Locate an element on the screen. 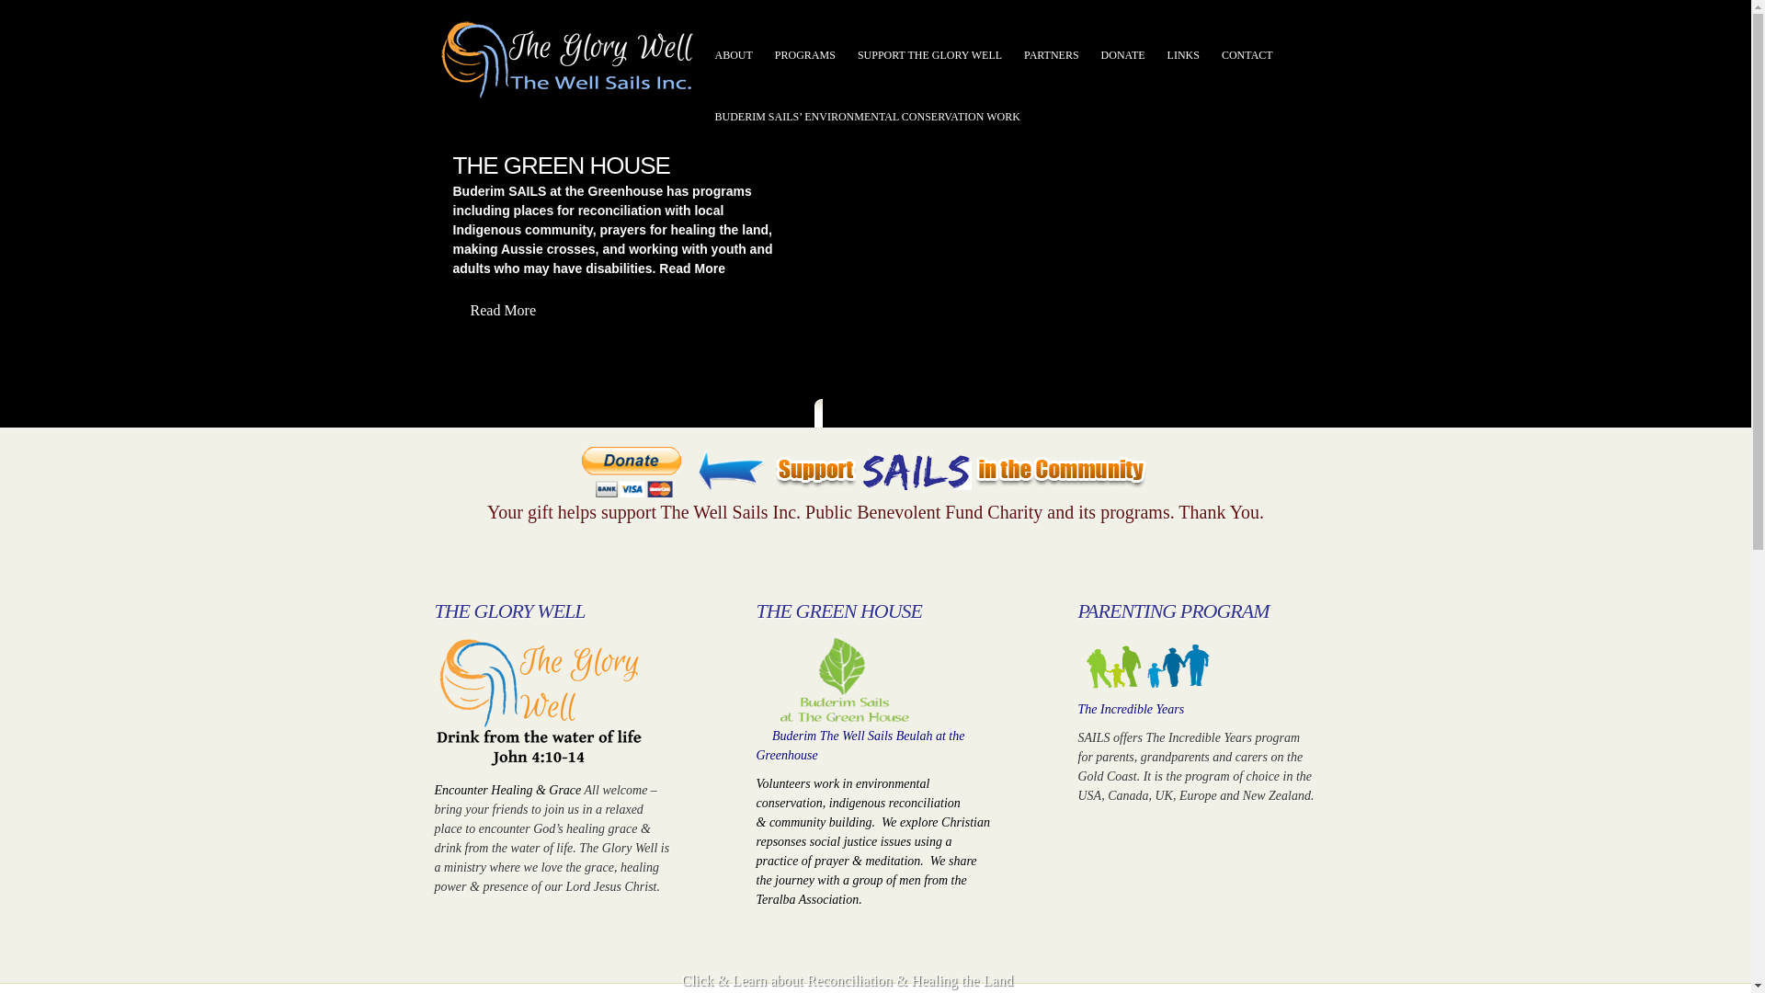 The image size is (1765, 993). 'ABOUT' is located at coordinates (733, 54).